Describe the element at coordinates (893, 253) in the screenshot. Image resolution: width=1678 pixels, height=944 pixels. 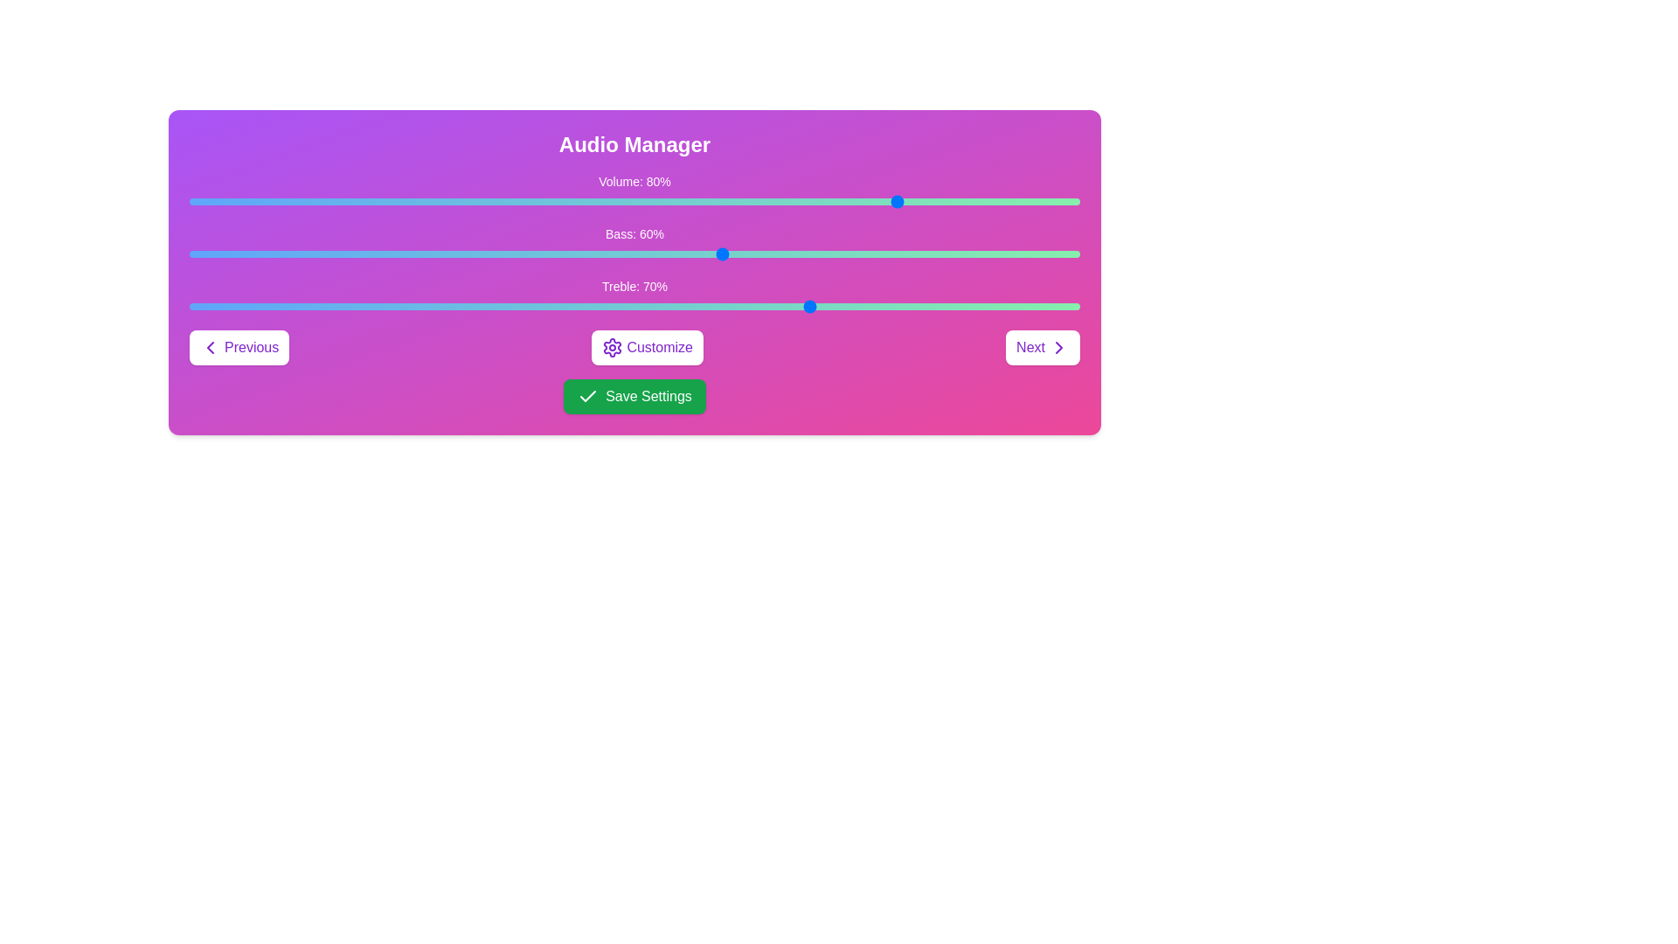
I see `the bass level` at that location.